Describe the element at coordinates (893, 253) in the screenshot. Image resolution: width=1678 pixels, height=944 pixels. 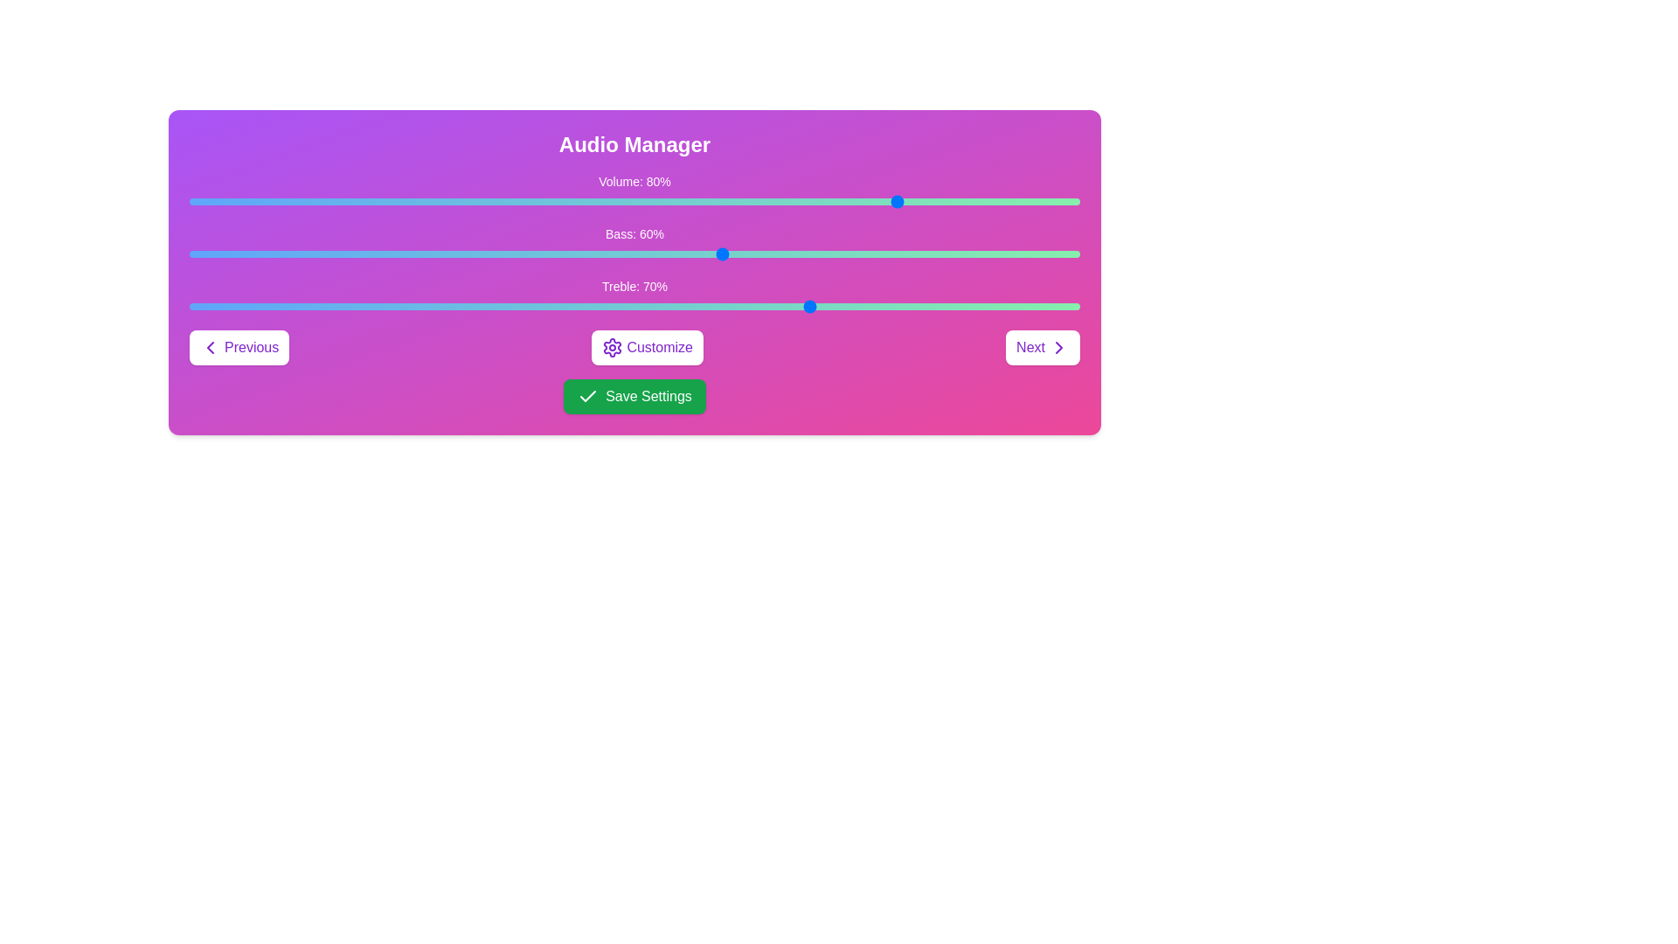
I see `the bass level` at that location.